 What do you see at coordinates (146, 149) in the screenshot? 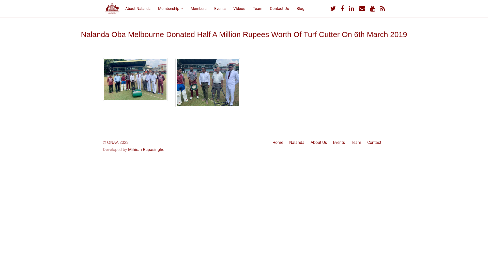
I see `'Mihiran Rupasinghe'` at bounding box center [146, 149].